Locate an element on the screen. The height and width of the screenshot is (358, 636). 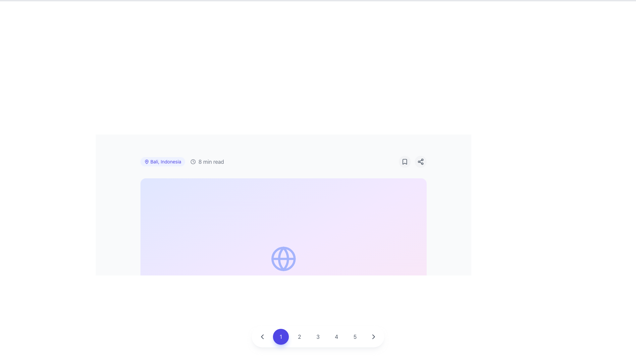
the third page number button in the pagination control is located at coordinates (318, 336).